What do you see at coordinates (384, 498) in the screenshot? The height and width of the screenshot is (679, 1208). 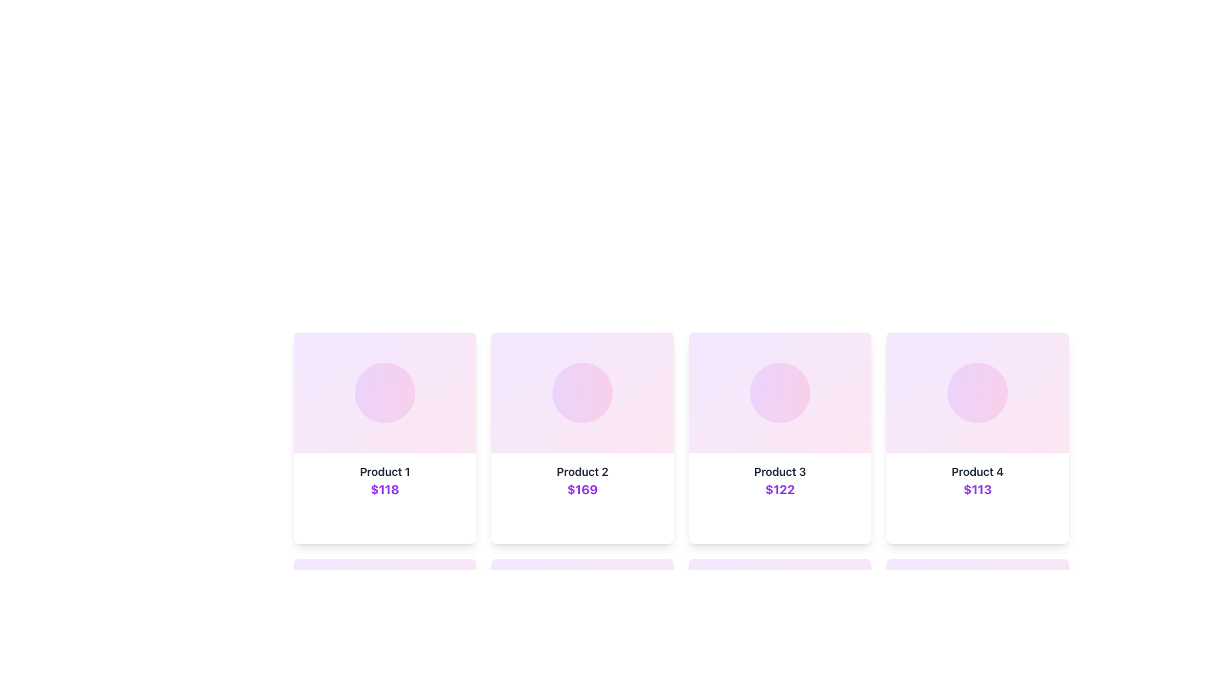 I see `displayed information in the informational text block located at the bottom of the first card in a horizontal sequence` at bounding box center [384, 498].